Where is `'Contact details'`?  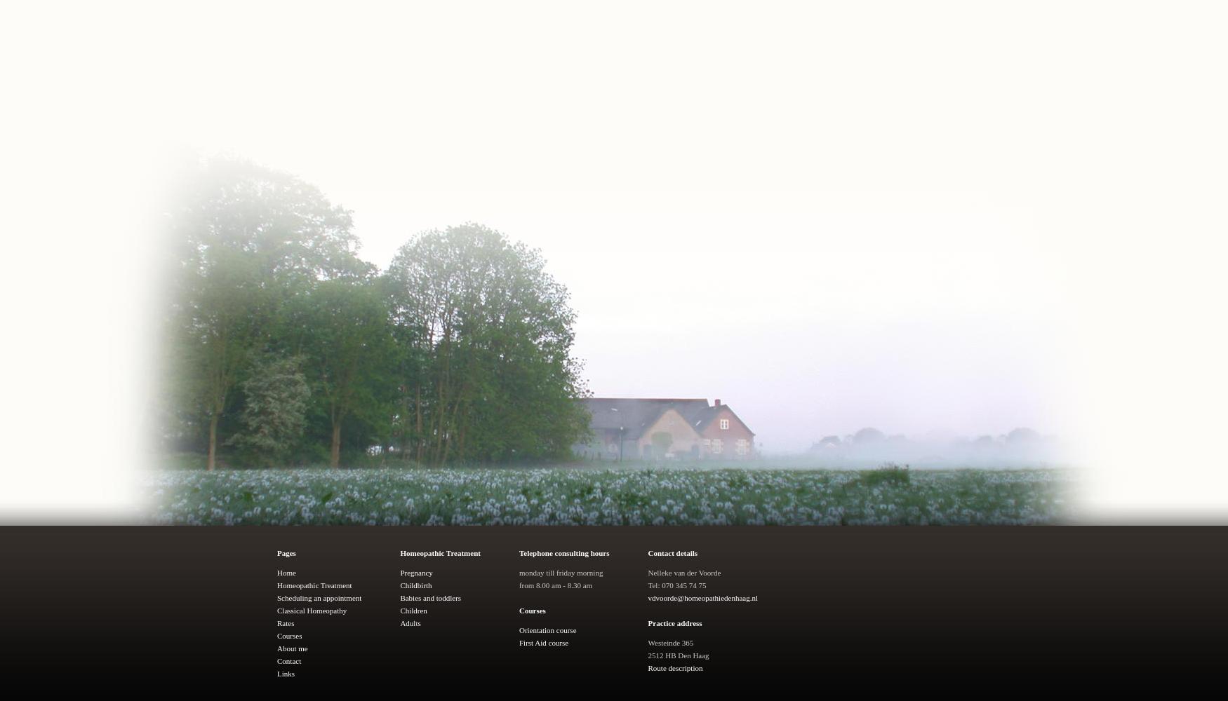 'Contact details' is located at coordinates (672, 553).